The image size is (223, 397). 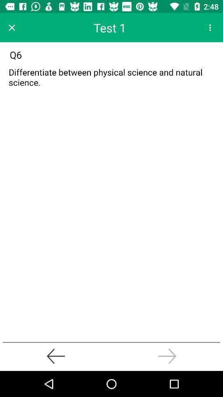 I want to click on go back, so click(x=56, y=356).